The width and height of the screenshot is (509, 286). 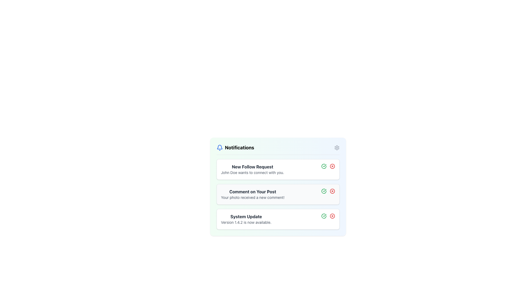 What do you see at coordinates (323, 191) in the screenshot?
I see `the confirmation icon located in the second row of the notification list, adjacent to the description 'Your photo received a new comment!'` at bounding box center [323, 191].